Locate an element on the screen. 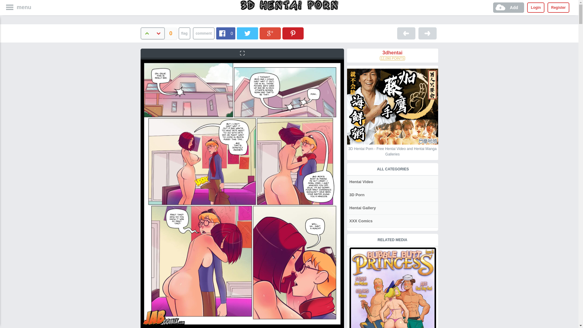  'Click to vote up' is located at coordinates (146, 33).